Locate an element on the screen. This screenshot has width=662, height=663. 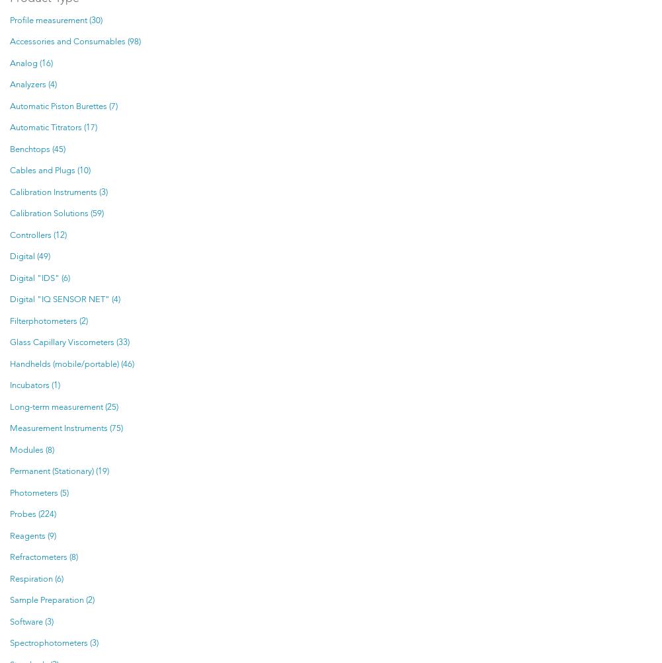
'Automatic Titrators (17)' is located at coordinates (52, 127).